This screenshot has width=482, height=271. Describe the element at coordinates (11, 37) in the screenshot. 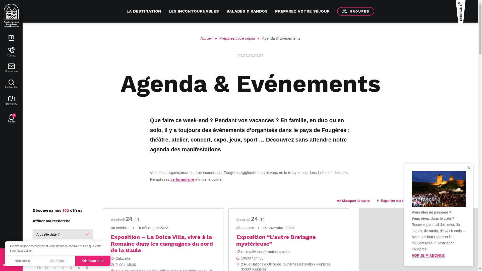

I see `'FR'` at that location.